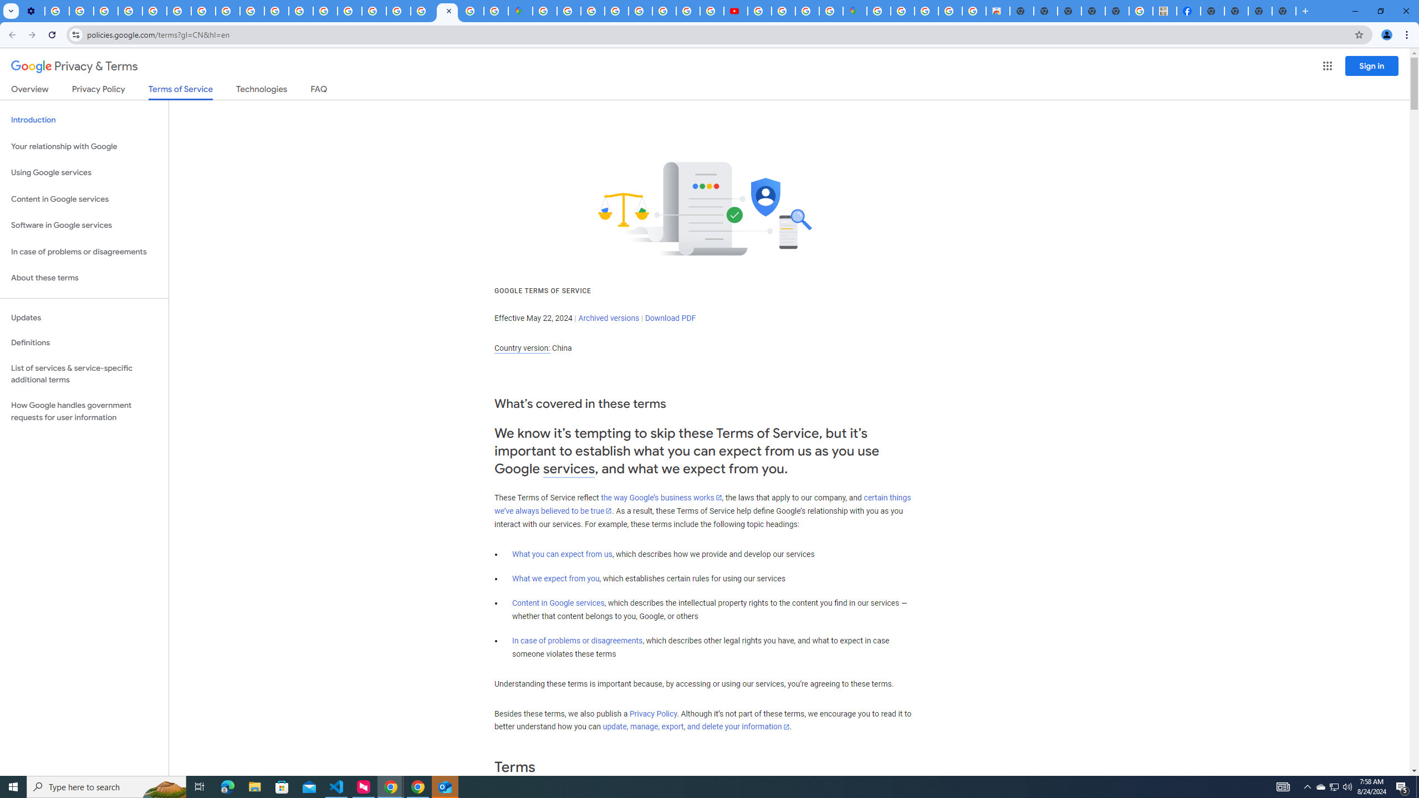  I want to click on 'Updates', so click(84, 317).